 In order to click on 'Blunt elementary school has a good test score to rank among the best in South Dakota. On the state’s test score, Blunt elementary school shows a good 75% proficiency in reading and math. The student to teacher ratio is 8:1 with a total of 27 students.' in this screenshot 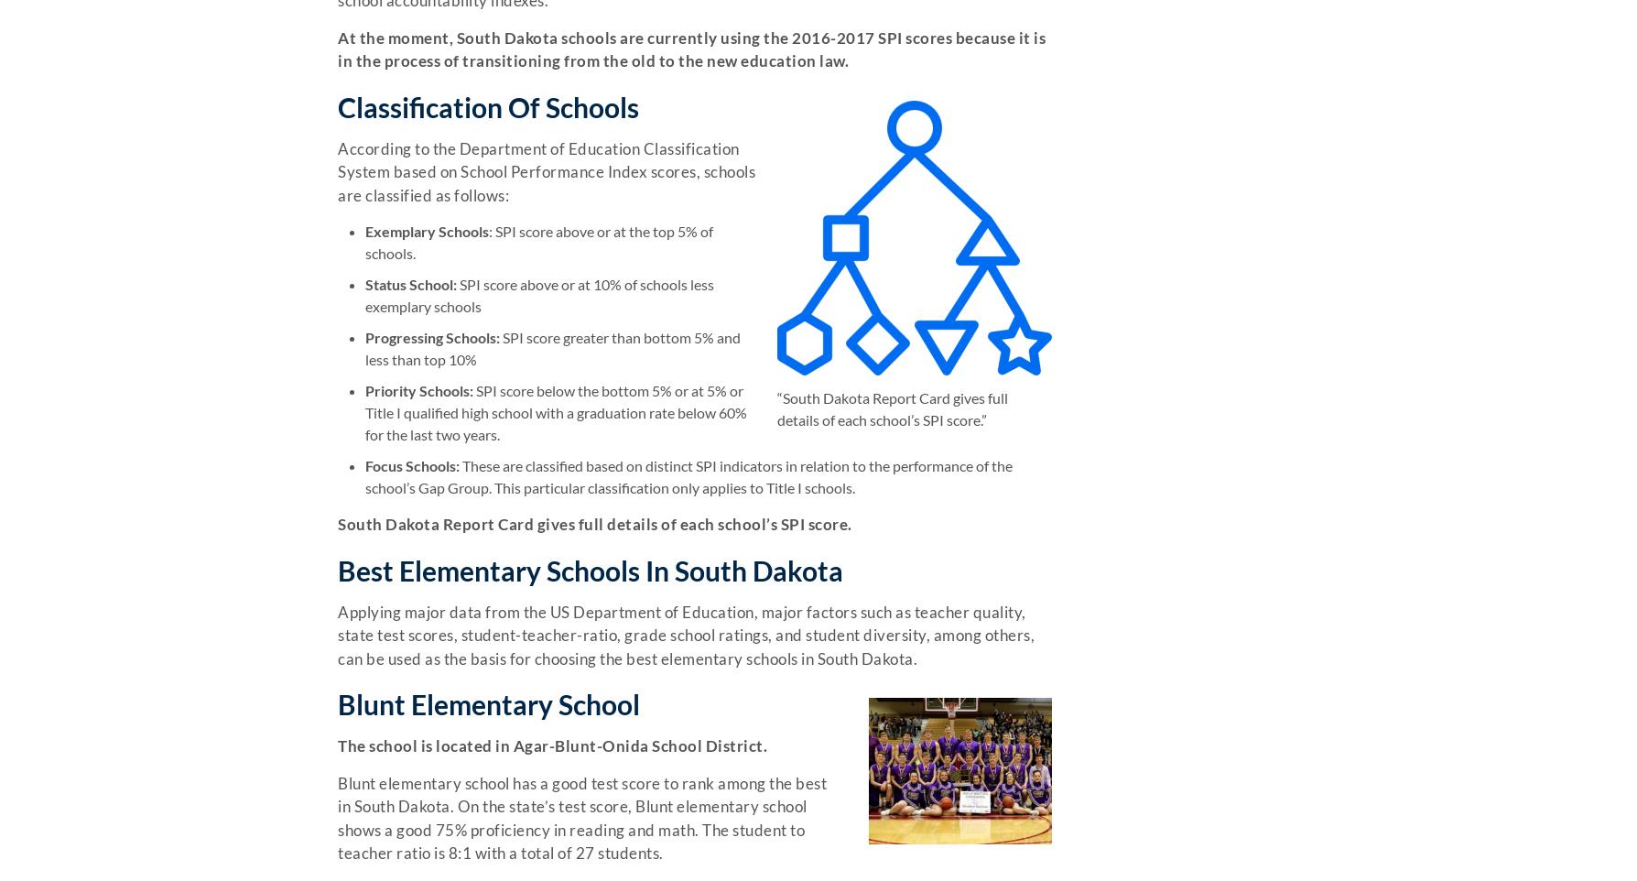, I will do `click(581, 817)`.